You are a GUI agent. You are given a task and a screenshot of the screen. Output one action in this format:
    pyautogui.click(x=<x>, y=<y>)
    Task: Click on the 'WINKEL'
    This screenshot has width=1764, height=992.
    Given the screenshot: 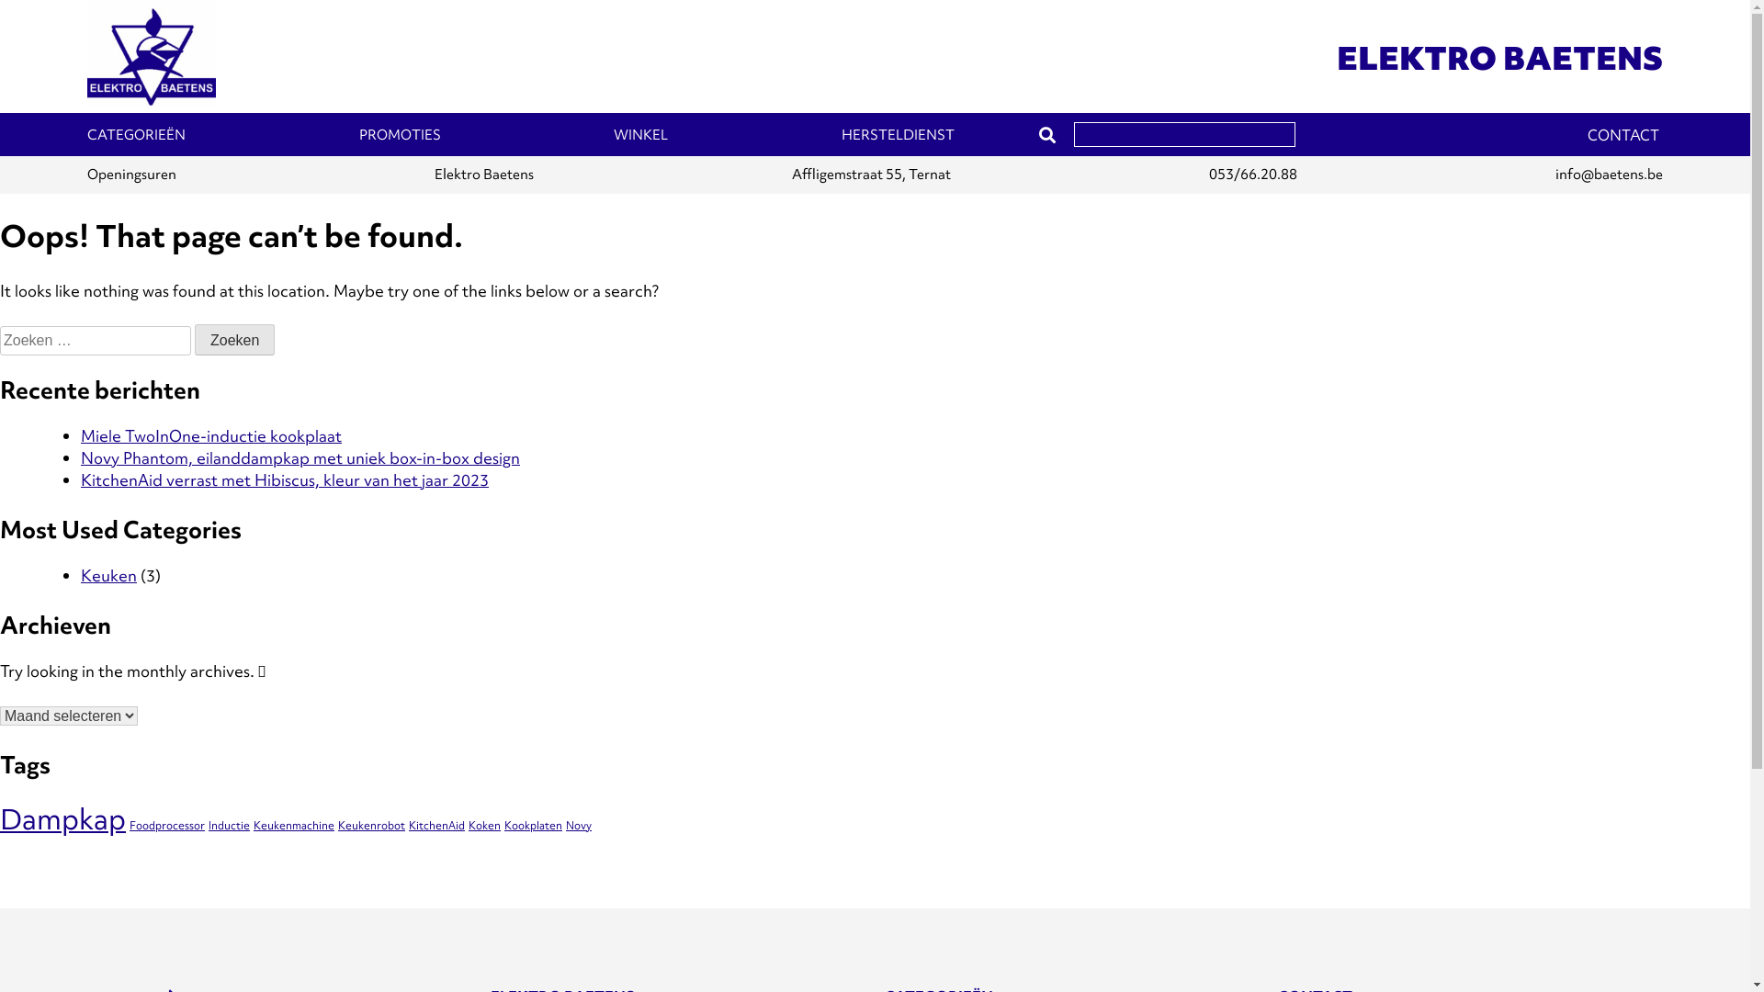 What is the action you would take?
    pyautogui.click(x=640, y=133)
    